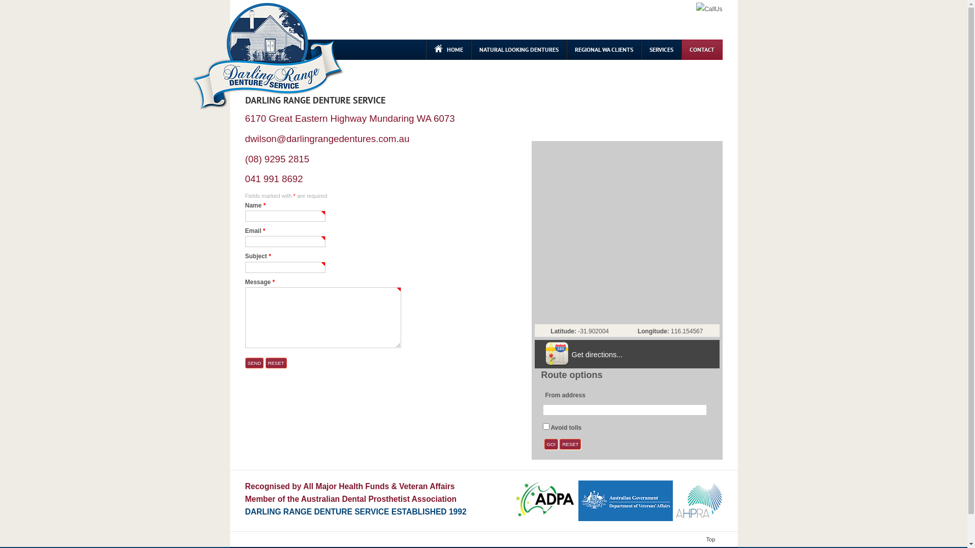  I want to click on 'Email', so click(284, 241).